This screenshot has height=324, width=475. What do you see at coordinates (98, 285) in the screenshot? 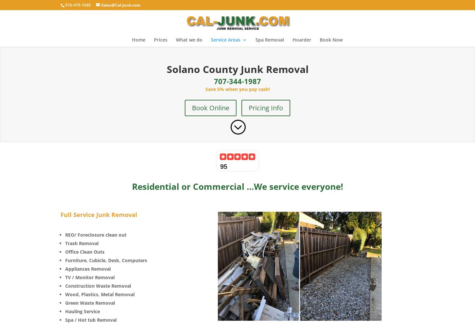
I see `'Construction Waste Removal'` at bounding box center [98, 285].